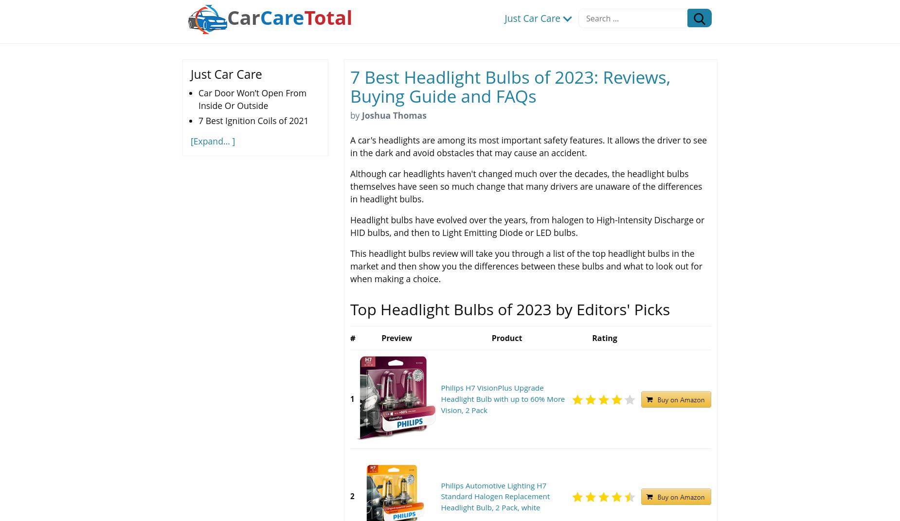 The image size is (900, 521). Describe the element at coordinates (253, 120) in the screenshot. I see `'7 Best Ignition Coils of 2021'` at that location.